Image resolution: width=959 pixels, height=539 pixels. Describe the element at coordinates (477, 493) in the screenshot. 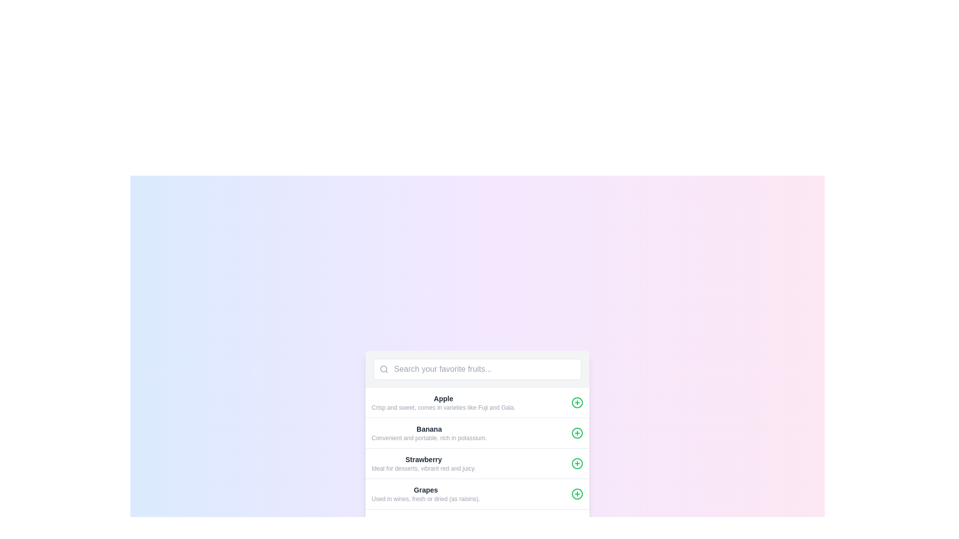

I see `the green circular button with a plus sign inside it, located next to the list item labeled 'Grapes', which is the fourth item in the vertical list` at that location.